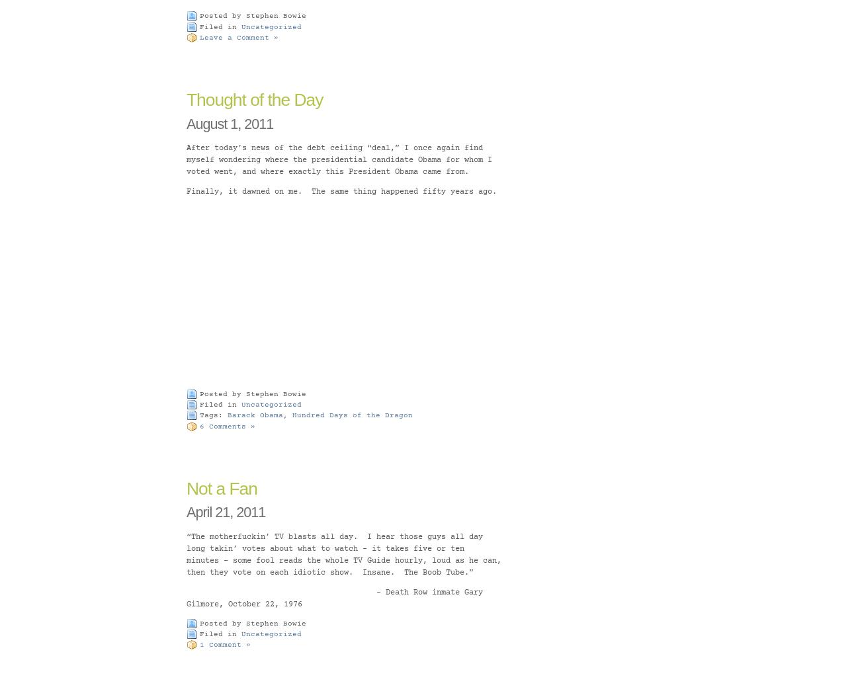 The height and width of the screenshot is (697, 860). Describe the element at coordinates (226, 427) in the screenshot. I see `'6 Comments »'` at that location.